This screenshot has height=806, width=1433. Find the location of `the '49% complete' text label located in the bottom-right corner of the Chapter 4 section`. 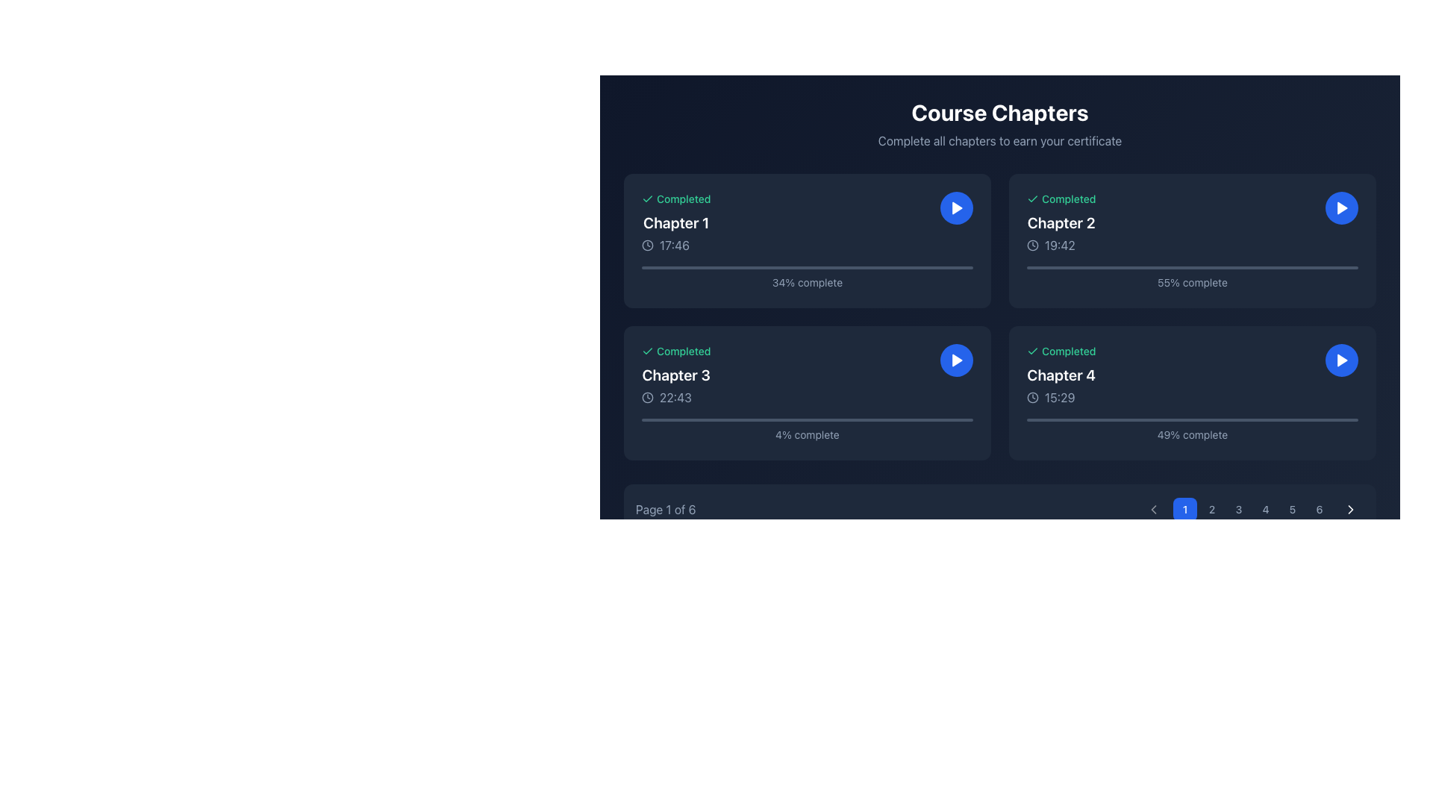

the '49% complete' text label located in the bottom-right corner of the Chapter 4 section is located at coordinates (1192, 431).